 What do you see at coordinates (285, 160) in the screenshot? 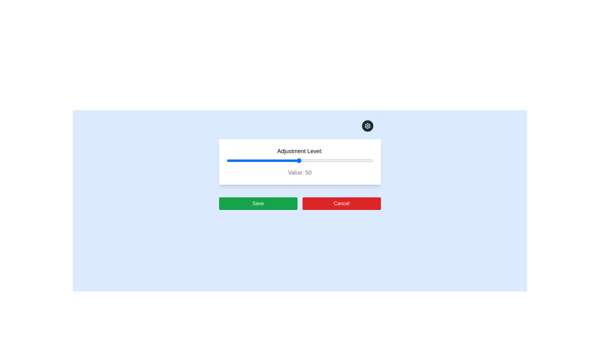
I see `the adjustment level` at bounding box center [285, 160].